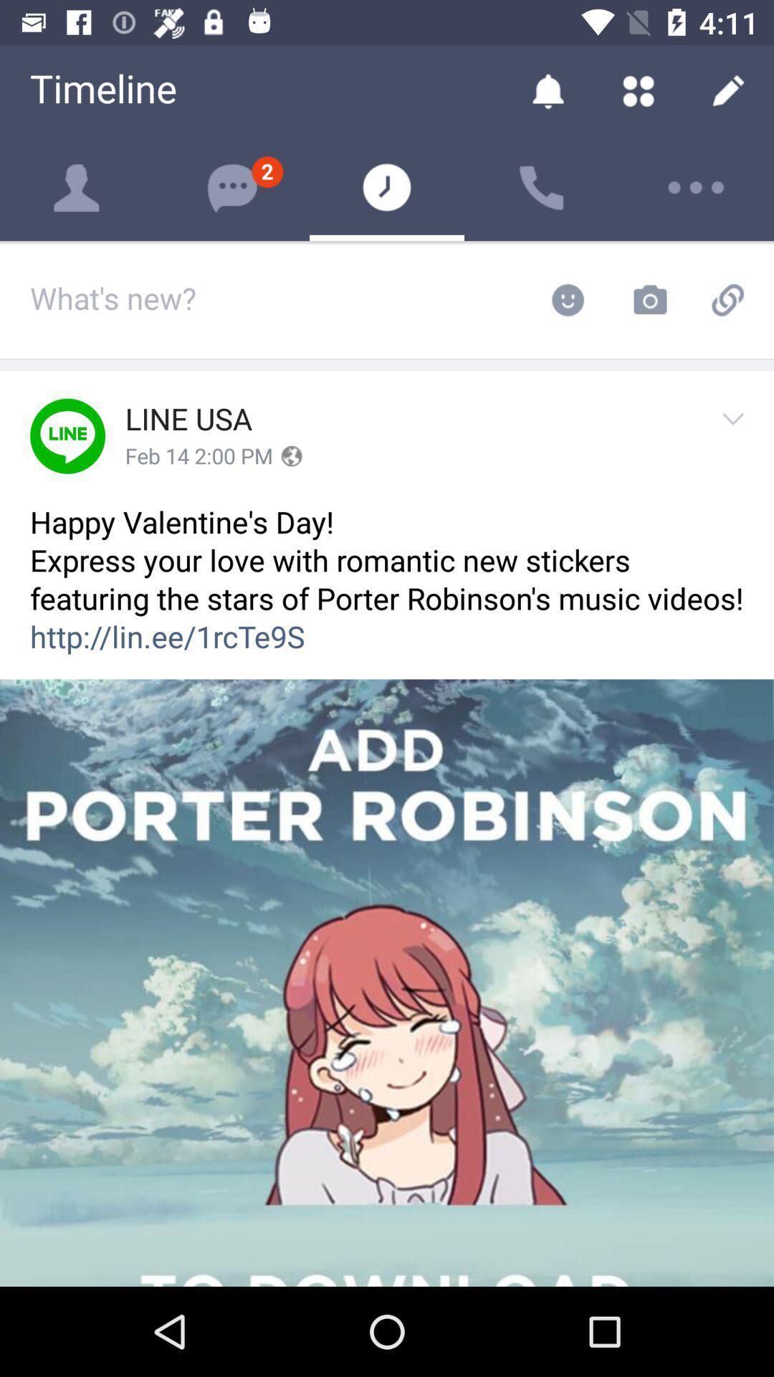 This screenshot has width=774, height=1377. I want to click on the call icon, so click(542, 187).